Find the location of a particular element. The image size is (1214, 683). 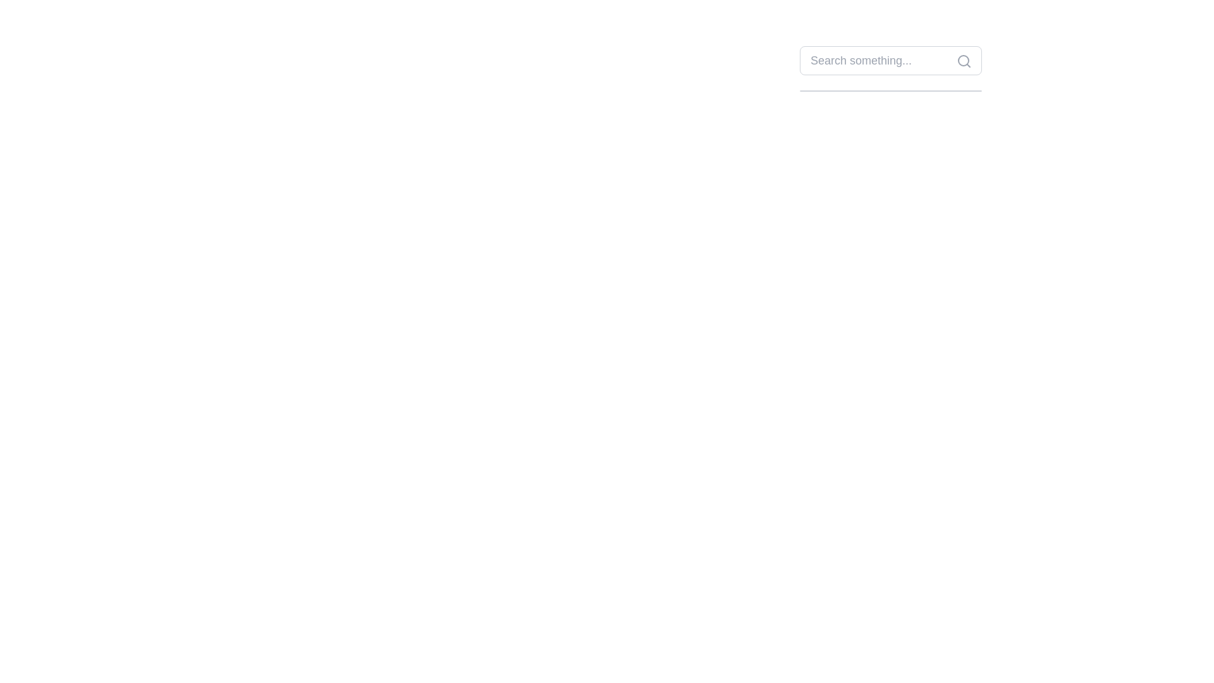

the search field associated with the circular icon of the magnifying glass, which is located at the top right corner of the search input box is located at coordinates (962, 61).